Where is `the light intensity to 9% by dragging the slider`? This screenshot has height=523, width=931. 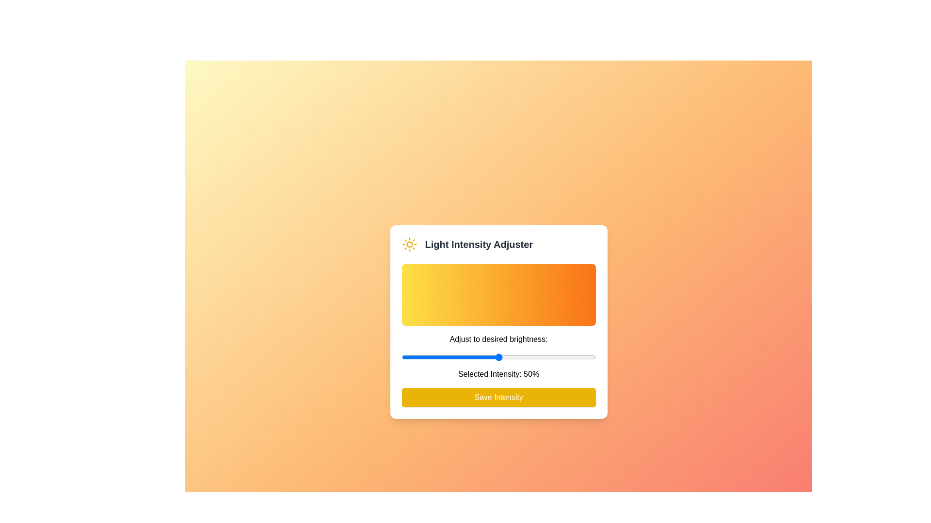 the light intensity to 9% by dragging the slider is located at coordinates (419, 357).